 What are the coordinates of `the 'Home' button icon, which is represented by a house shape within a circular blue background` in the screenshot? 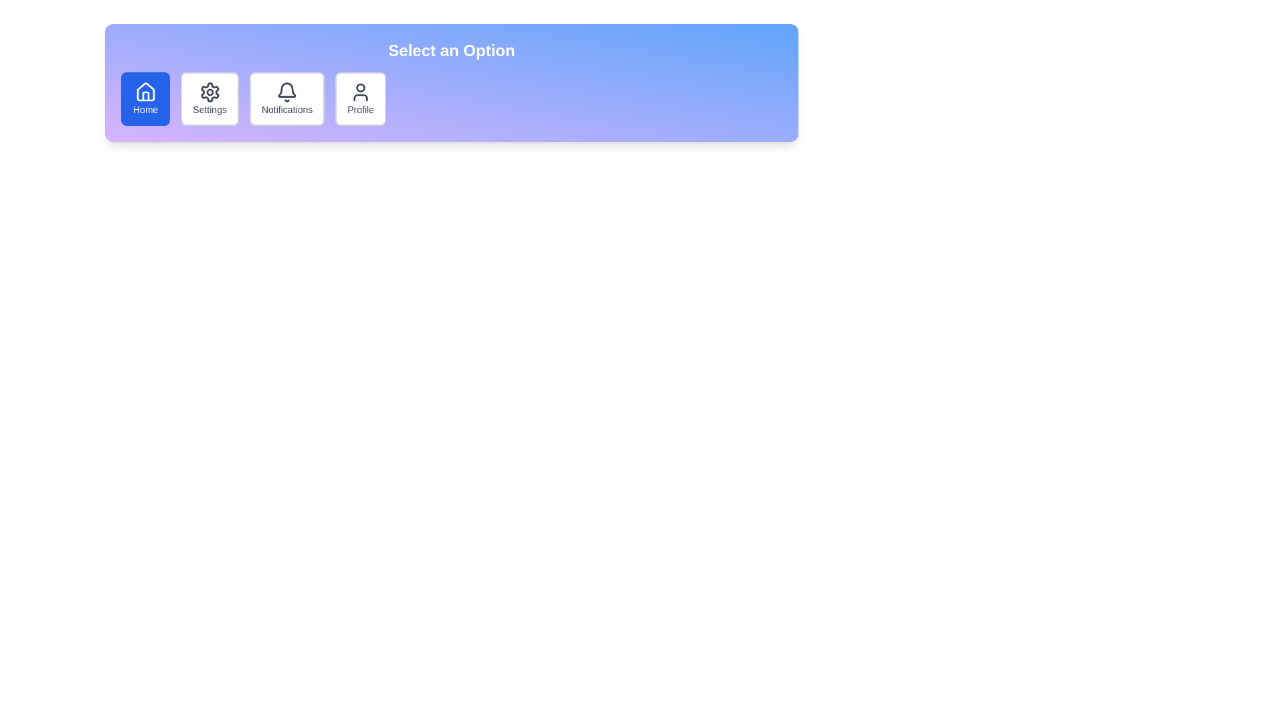 It's located at (145, 92).